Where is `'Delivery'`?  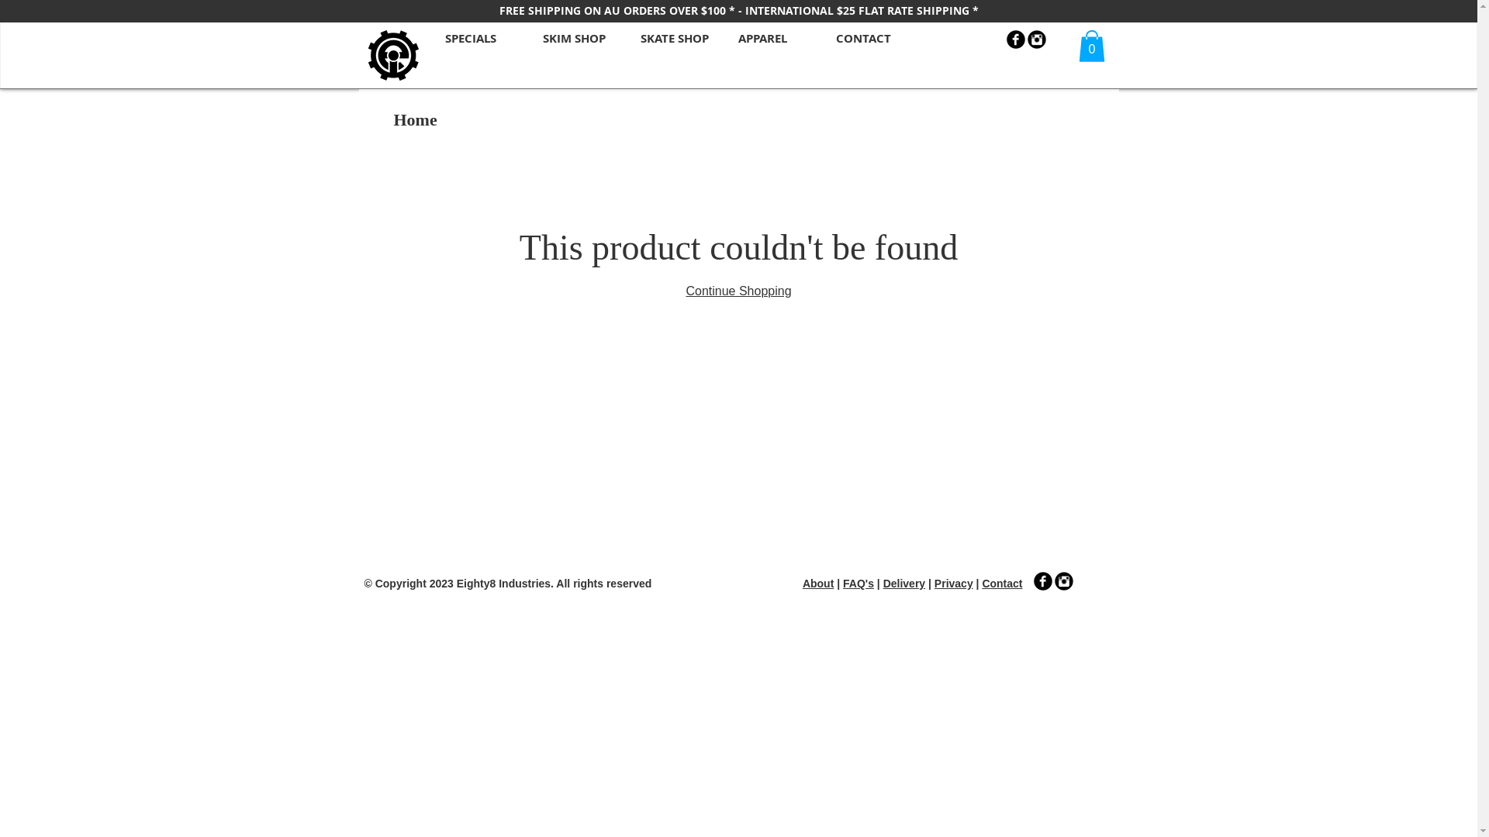
'Delivery' is located at coordinates (904, 583).